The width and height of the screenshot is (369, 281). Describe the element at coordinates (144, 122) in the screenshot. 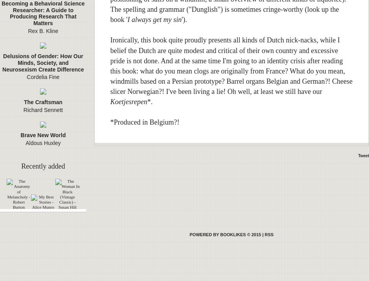

I see `'*Produced in Belgium?!'` at that location.